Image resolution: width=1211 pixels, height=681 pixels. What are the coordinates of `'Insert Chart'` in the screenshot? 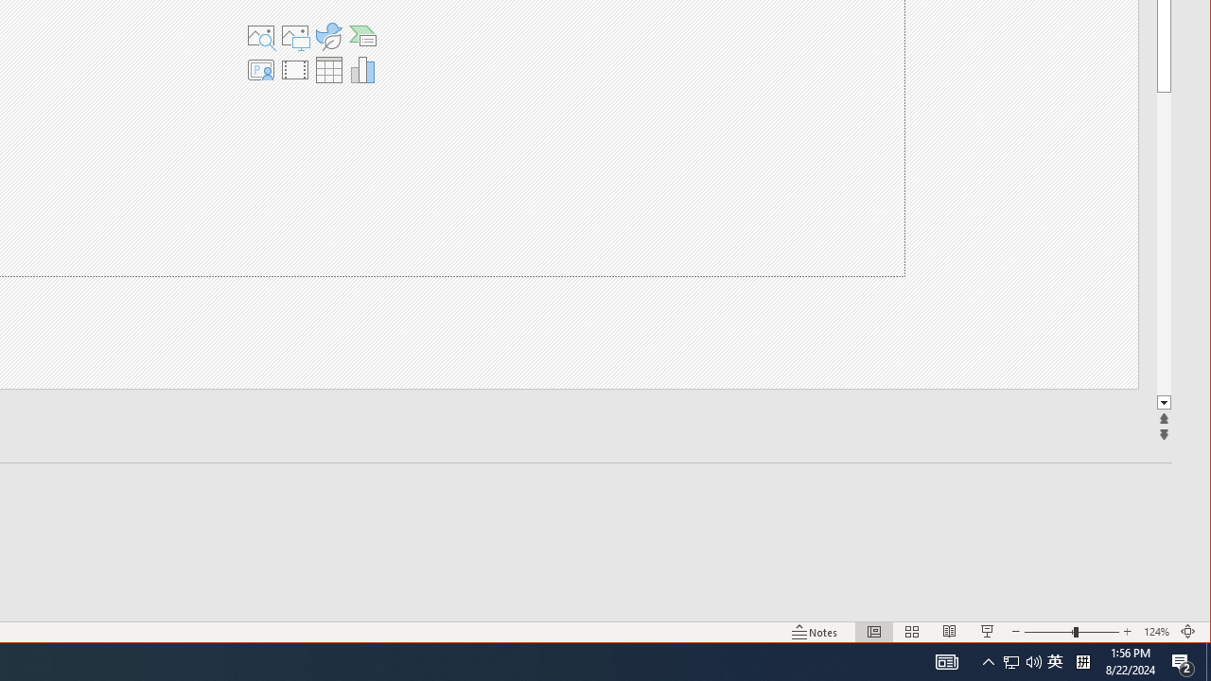 It's located at (363, 69).